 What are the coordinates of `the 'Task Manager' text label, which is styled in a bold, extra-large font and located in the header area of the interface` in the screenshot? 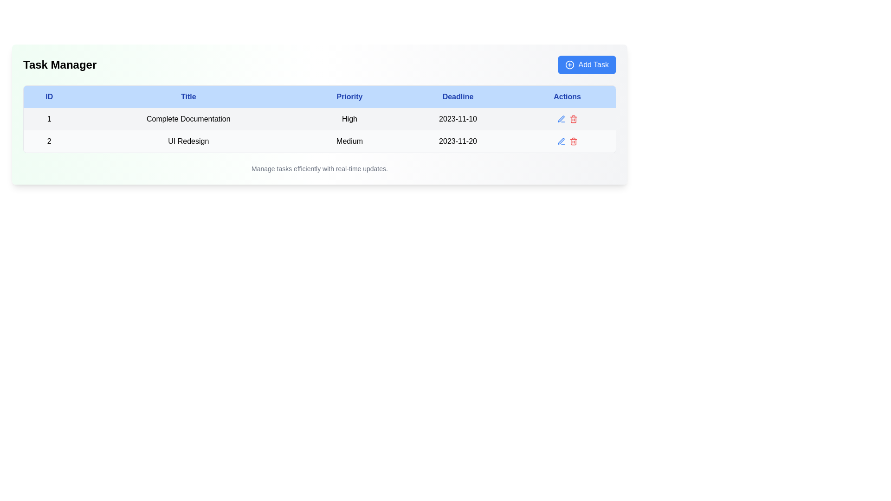 It's located at (59, 64).